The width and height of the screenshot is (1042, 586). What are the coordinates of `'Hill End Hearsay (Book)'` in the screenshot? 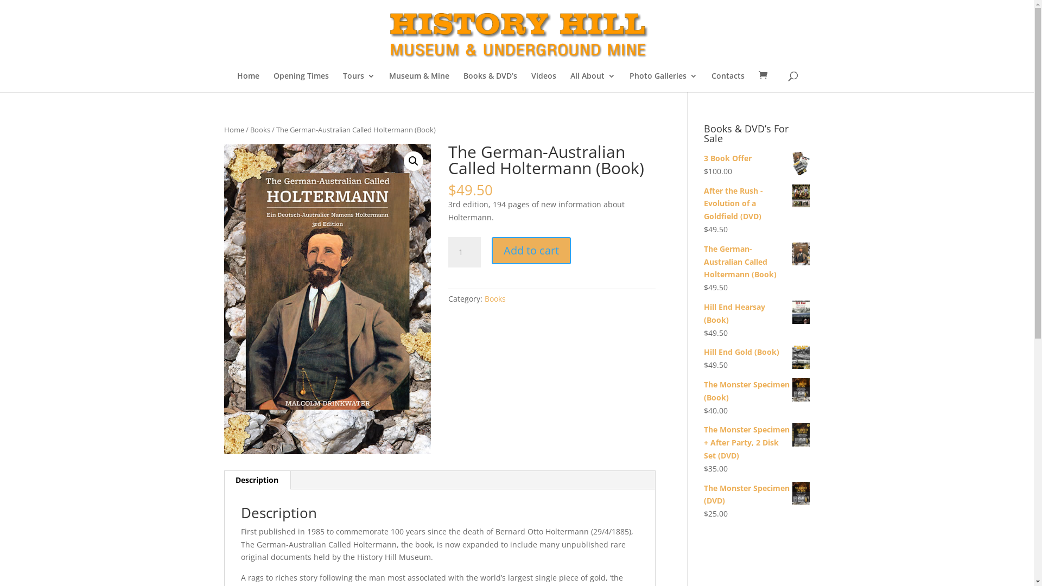 It's located at (756, 314).